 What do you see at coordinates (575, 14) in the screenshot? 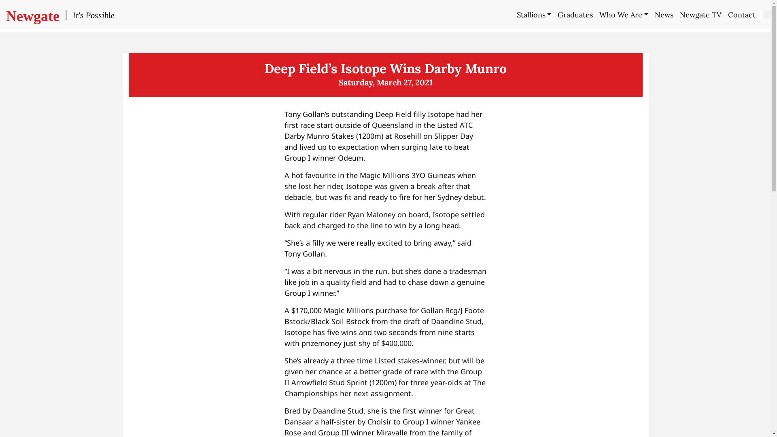
I see `'Graduates'` at bounding box center [575, 14].